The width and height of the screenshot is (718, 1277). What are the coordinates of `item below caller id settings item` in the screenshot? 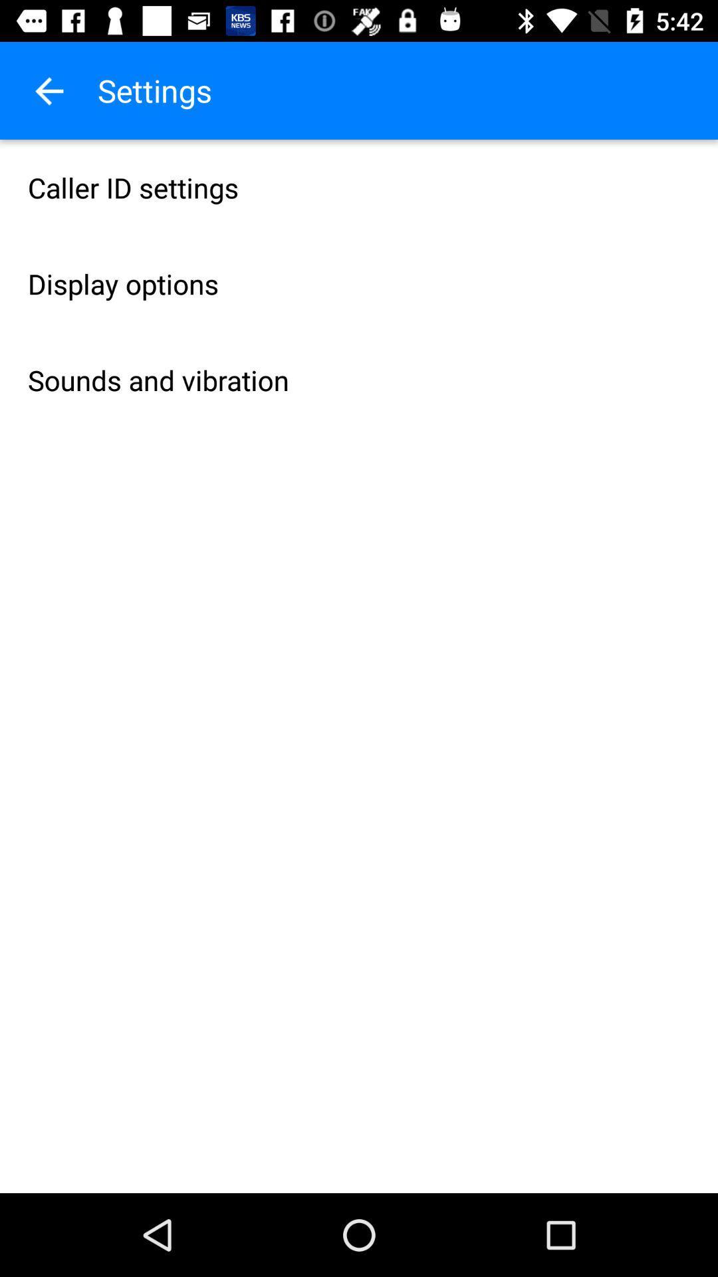 It's located at (359, 283).